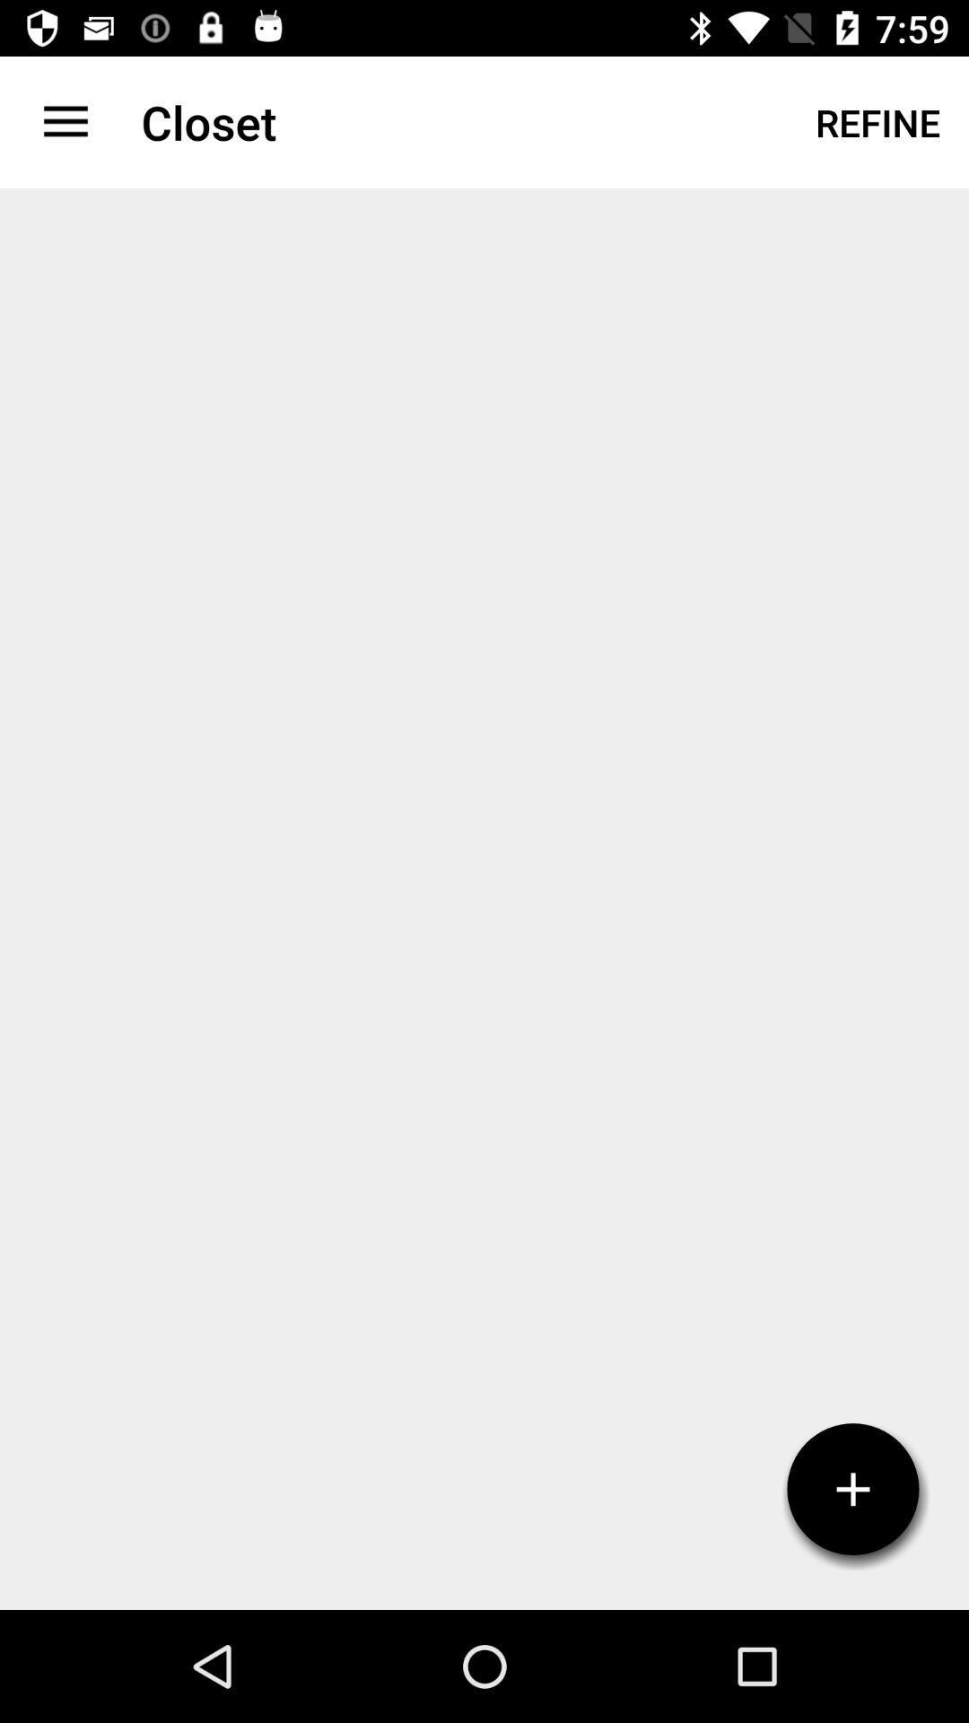  Describe the element at coordinates (877, 121) in the screenshot. I see `app next to the closet item` at that location.